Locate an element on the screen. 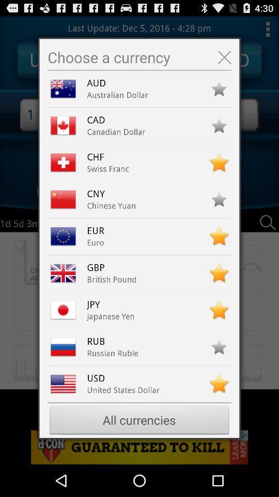 The image size is (279, 497). all currencies is located at coordinates (139, 421).